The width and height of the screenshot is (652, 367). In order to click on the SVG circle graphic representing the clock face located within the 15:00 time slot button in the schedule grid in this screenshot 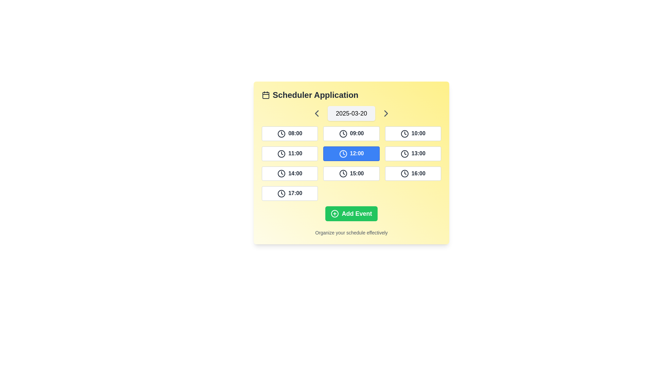, I will do `click(343, 173)`.